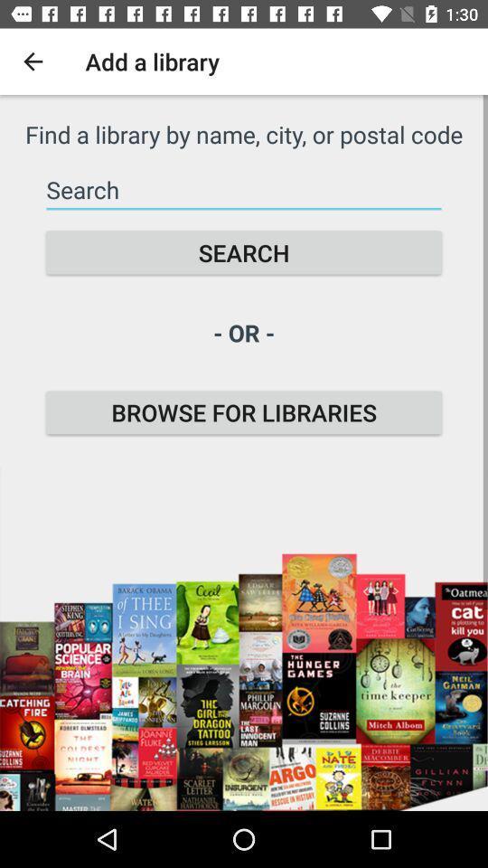 The width and height of the screenshot is (488, 868). I want to click on the browse for libraries, so click(244, 412).